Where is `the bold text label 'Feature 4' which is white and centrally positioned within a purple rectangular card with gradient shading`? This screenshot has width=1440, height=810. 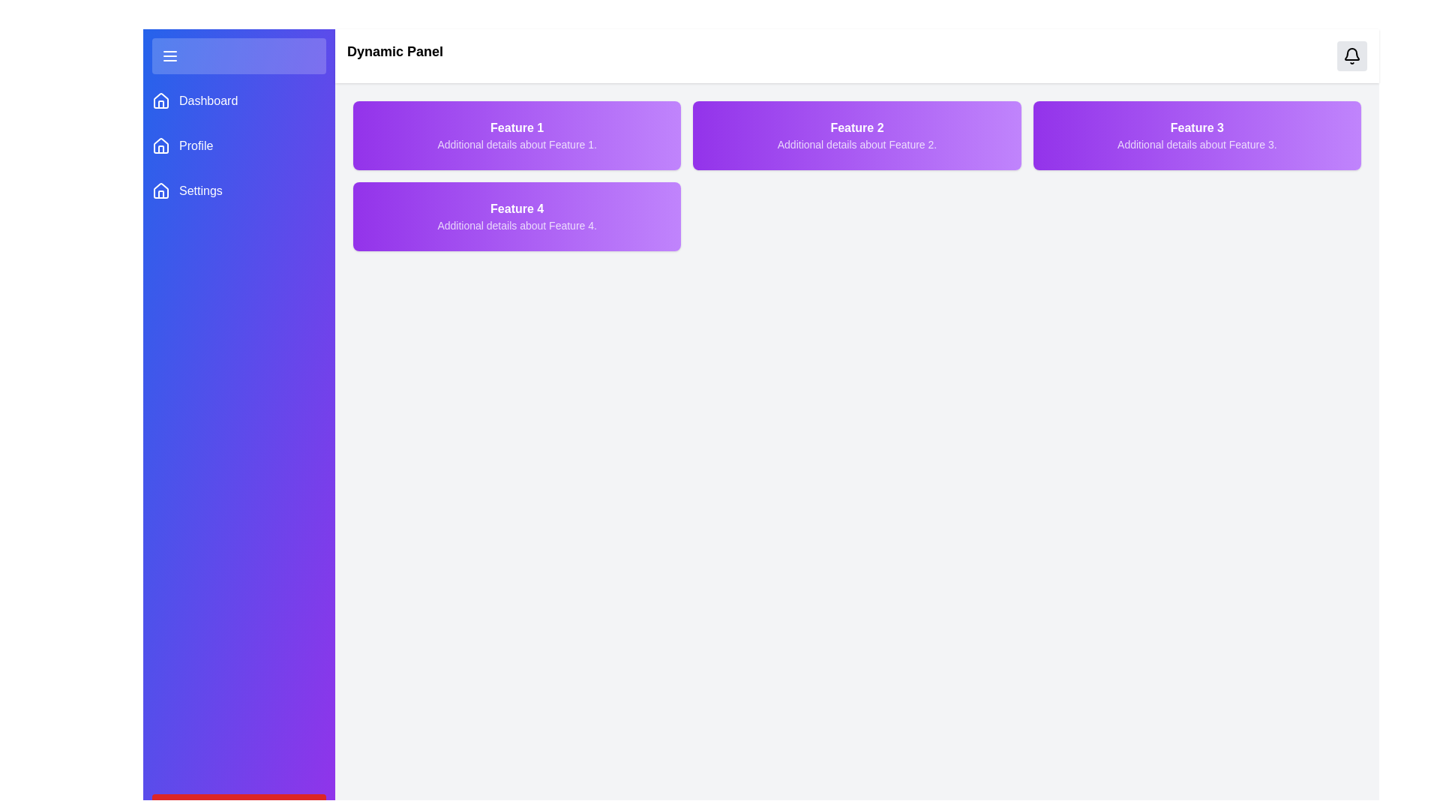
the bold text label 'Feature 4' which is white and centrally positioned within a purple rectangular card with gradient shading is located at coordinates (517, 208).